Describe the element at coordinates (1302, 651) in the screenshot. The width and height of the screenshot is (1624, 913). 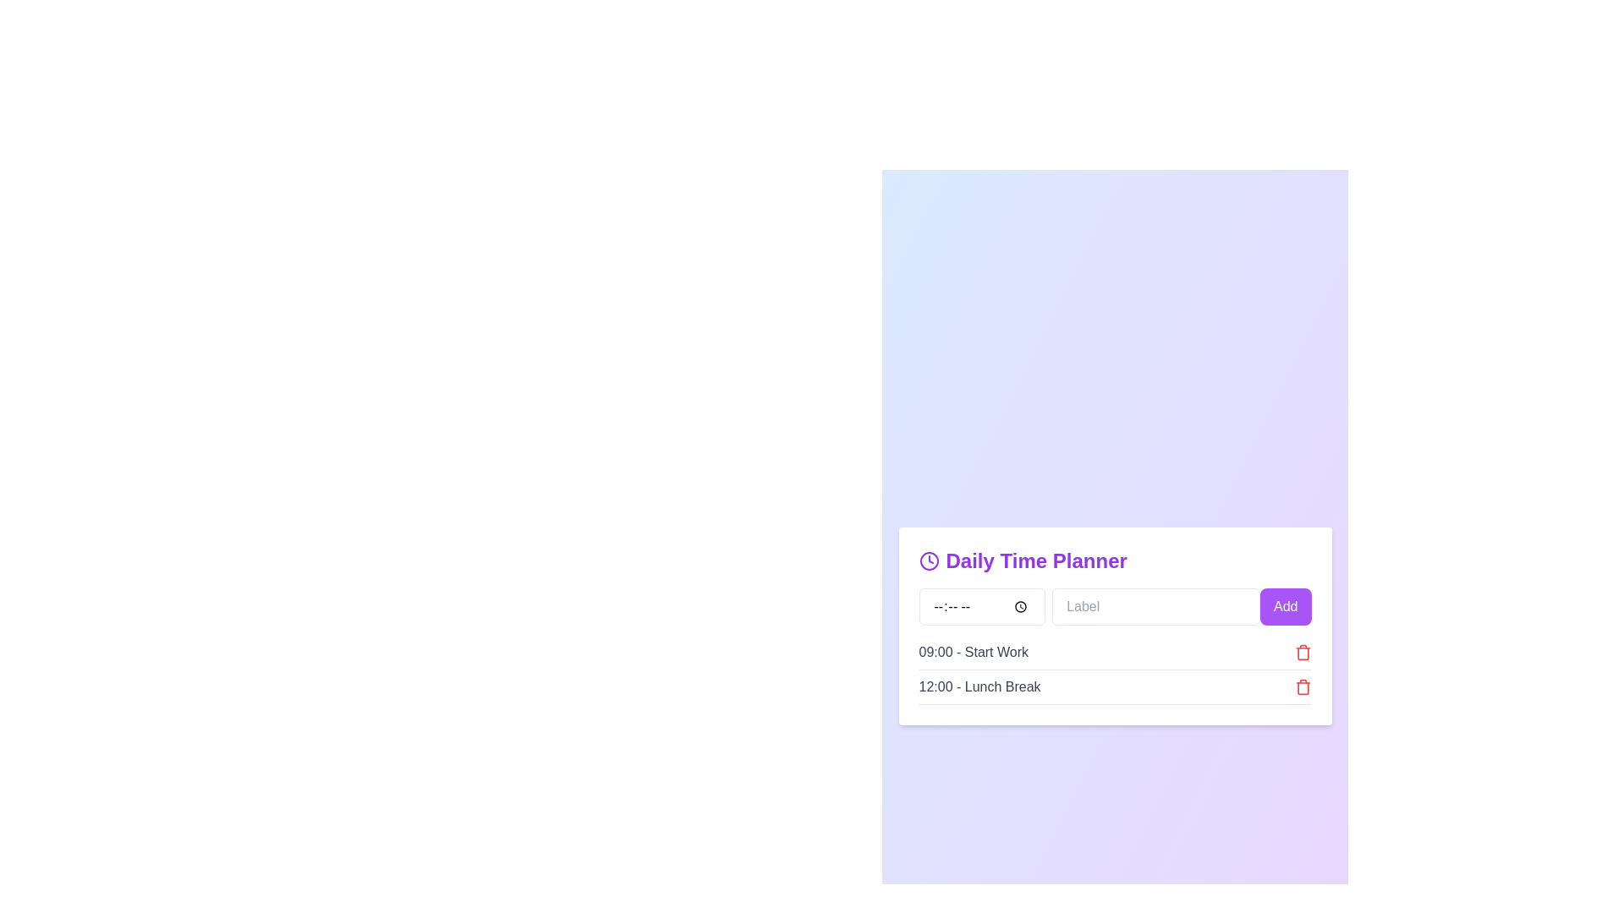
I see `the red trash can icon button located at the far right side of the '09:00 - Start Work' entry` at that location.